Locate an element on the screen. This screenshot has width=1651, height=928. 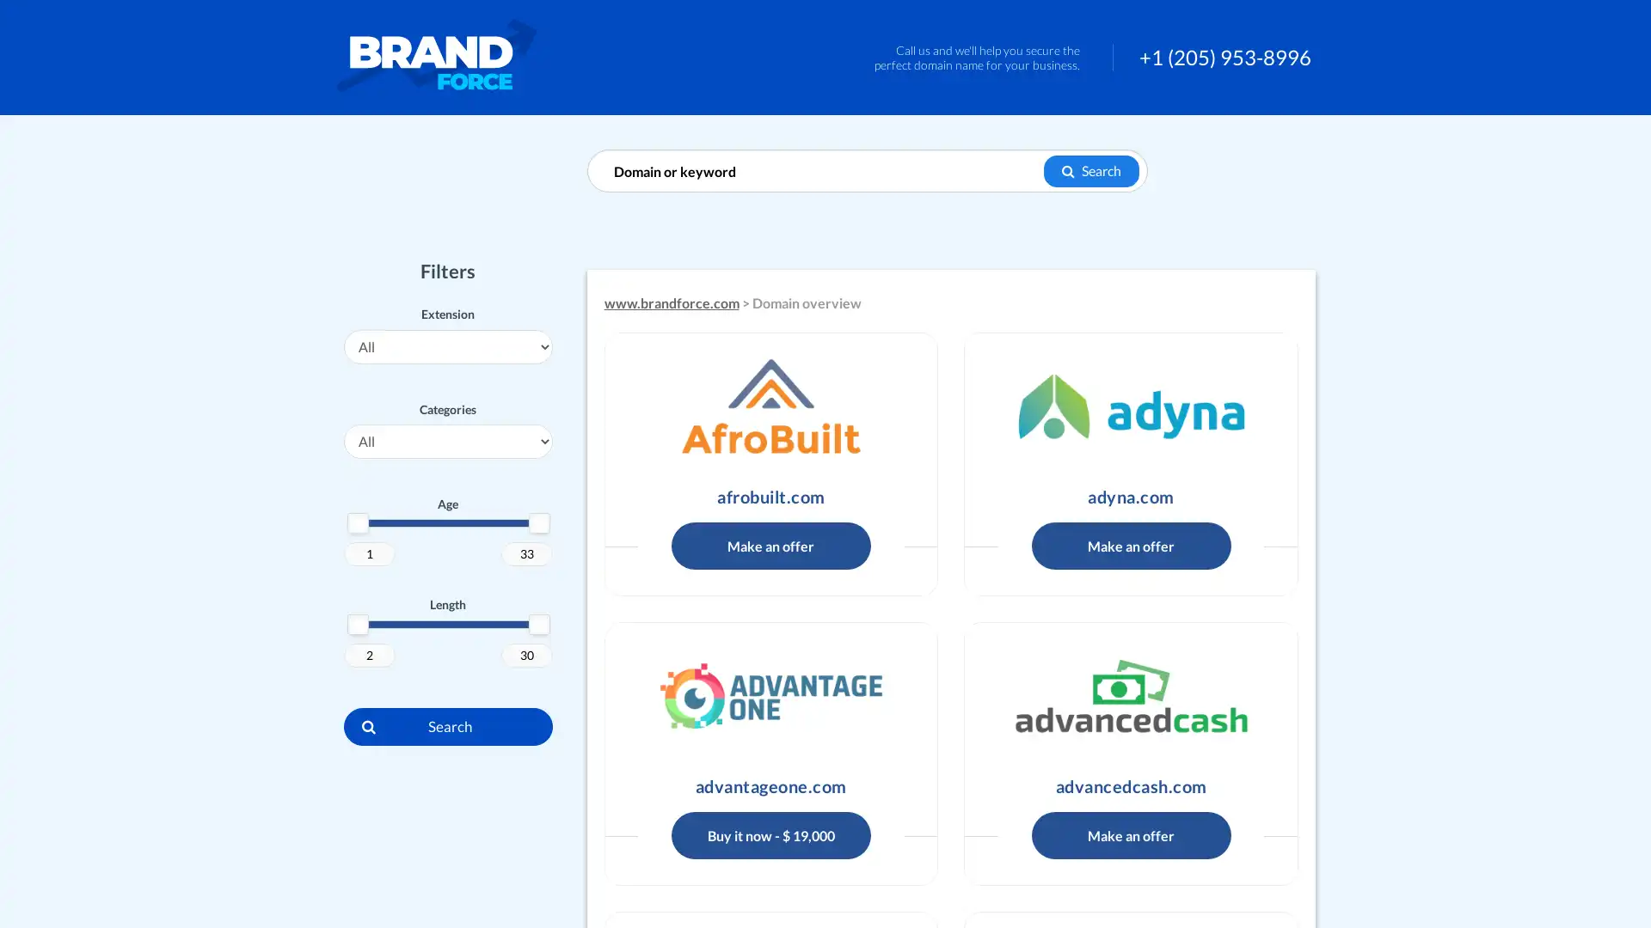
Make an offer is located at coordinates (770, 545).